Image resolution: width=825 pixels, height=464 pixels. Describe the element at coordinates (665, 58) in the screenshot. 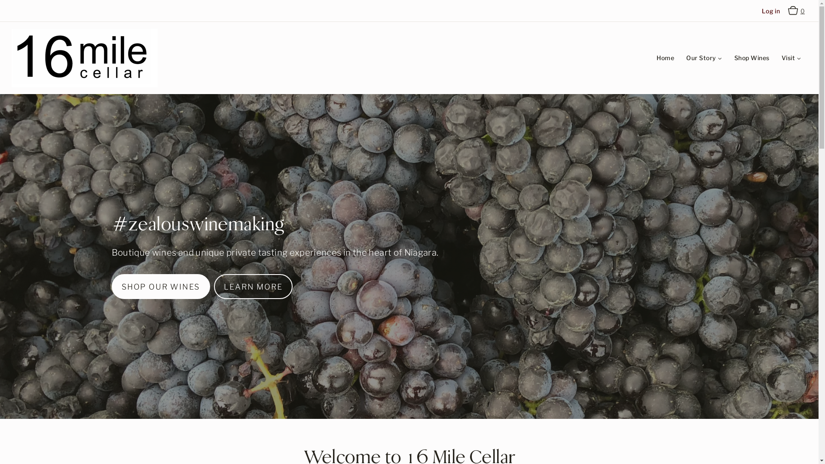

I see `'Home'` at that location.